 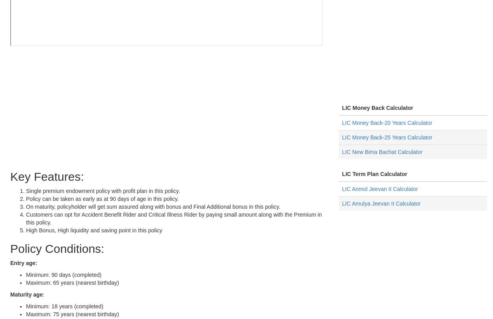 What do you see at coordinates (47, 176) in the screenshot?
I see `'Key Features:'` at bounding box center [47, 176].